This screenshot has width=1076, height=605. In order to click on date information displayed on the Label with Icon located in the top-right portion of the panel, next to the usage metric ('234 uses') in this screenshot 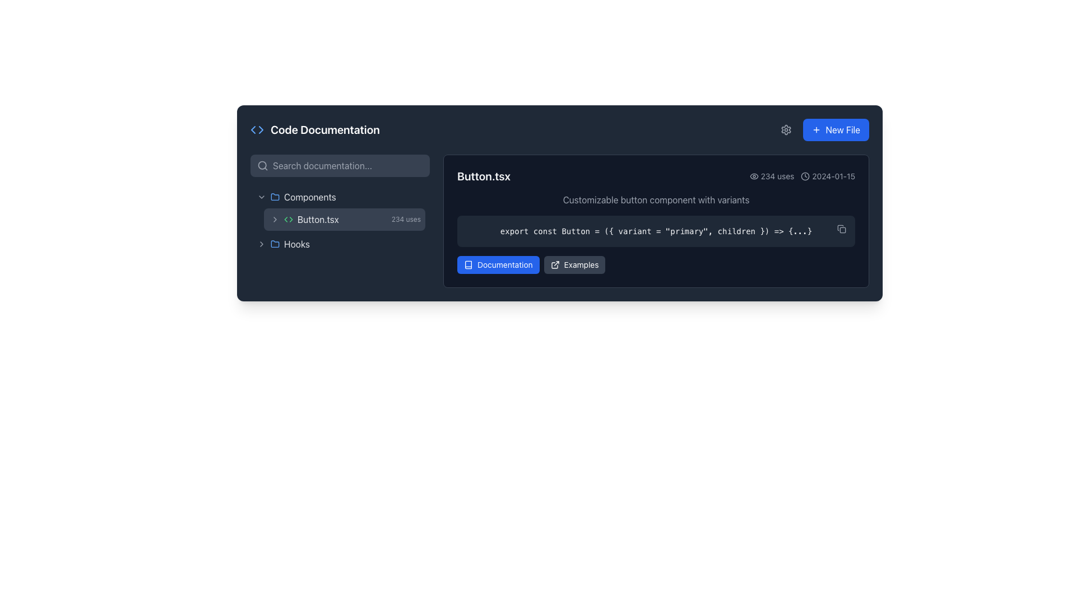, I will do `click(828, 176)`.